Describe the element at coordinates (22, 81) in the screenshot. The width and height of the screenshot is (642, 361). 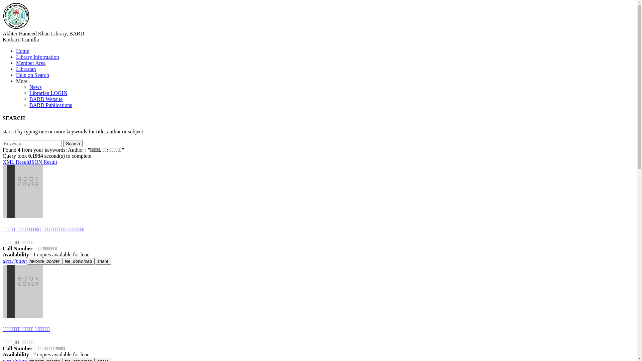
I see `'More'` at that location.